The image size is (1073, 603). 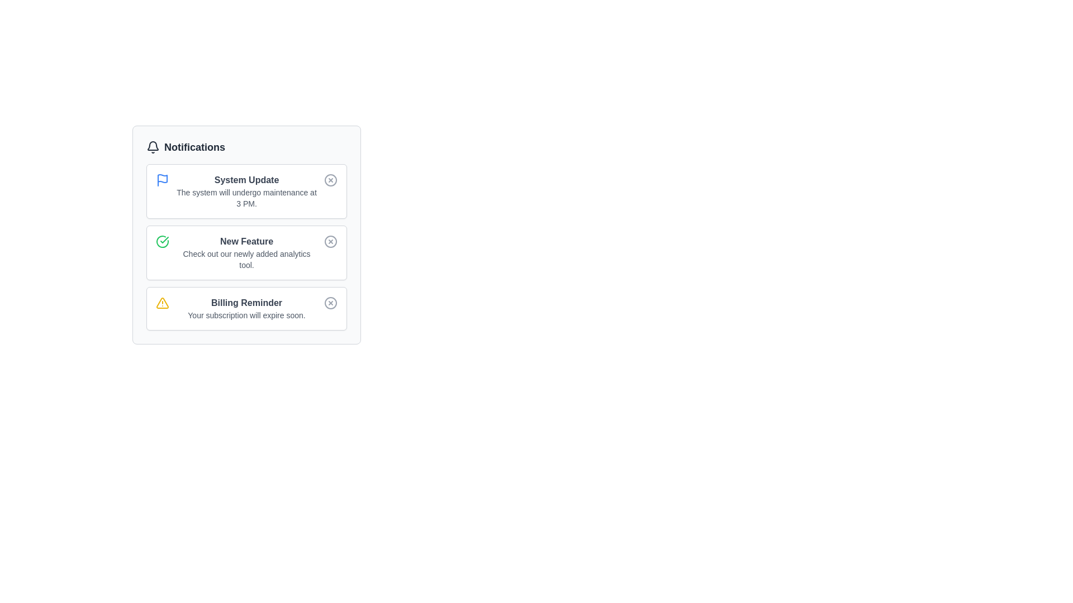 What do you see at coordinates (330, 180) in the screenshot?
I see `the close button located in the top right corner of the 'System Update' notification to change its appearance` at bounding box center [330, 180].